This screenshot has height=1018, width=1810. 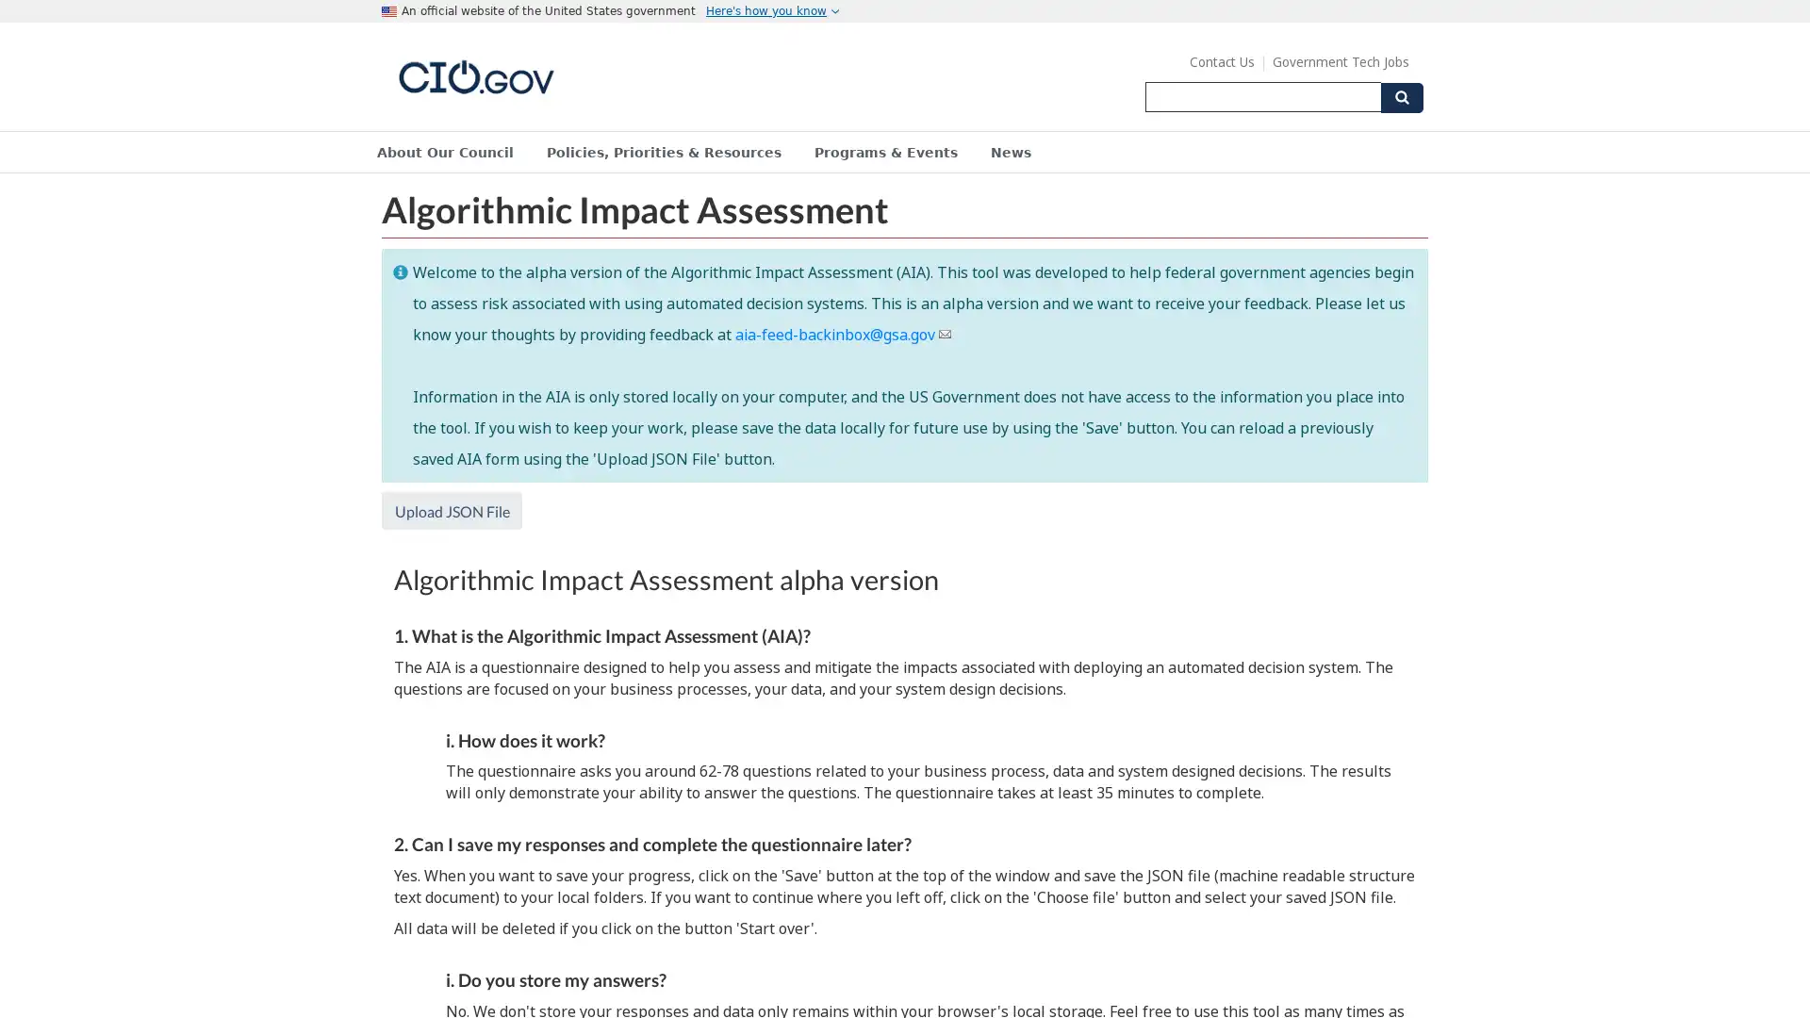 I want to click on About Our Council, so click(x=446, y=151).